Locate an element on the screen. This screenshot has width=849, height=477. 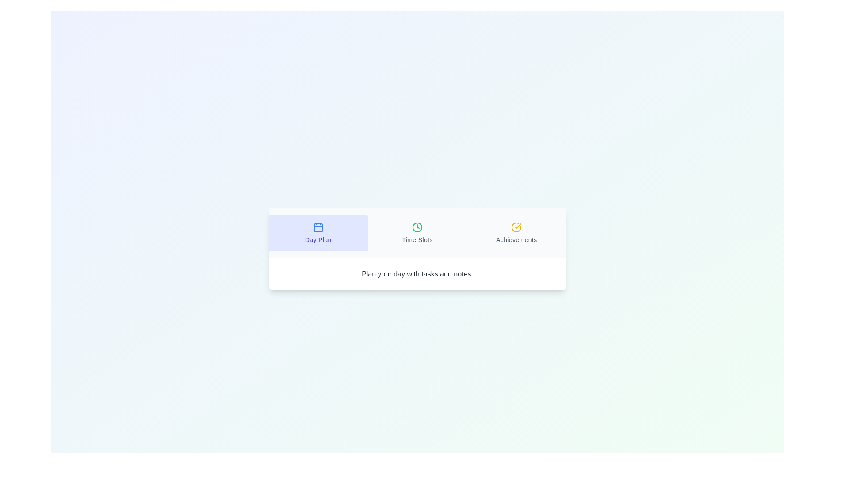
the tab titled Time Slots is located at coordinates (417, 232).